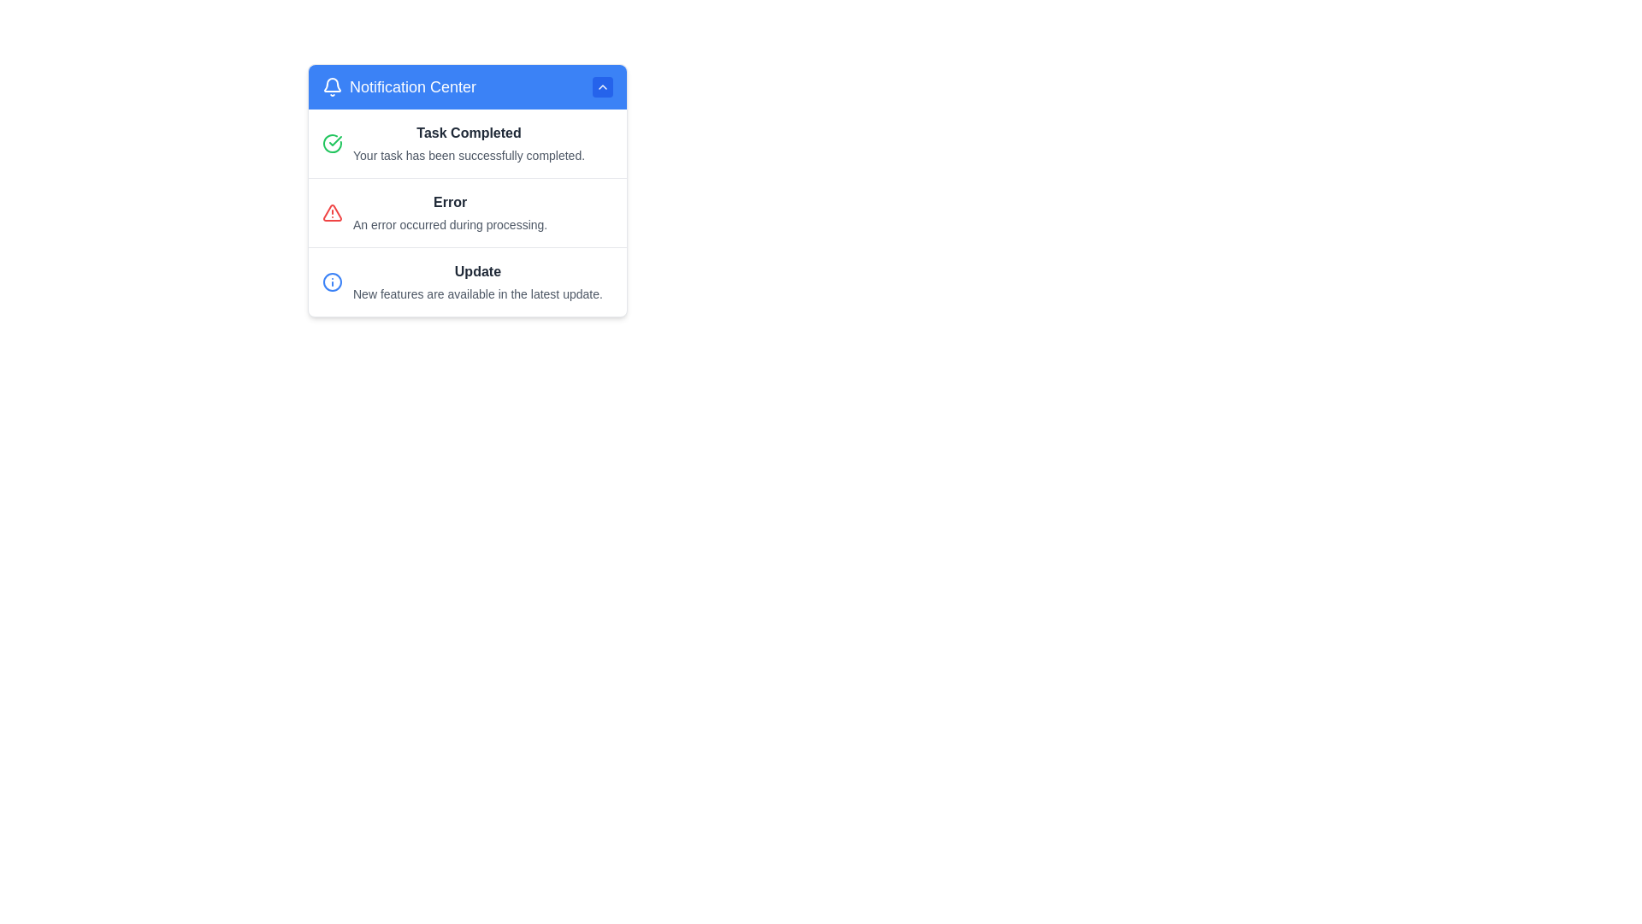  Describe the element at coordinates (332, 143) in the screenshot. I see `the leftmost icon in the 'Task Completed' row of the notification pop-up, indicating successful task completion` at that location.